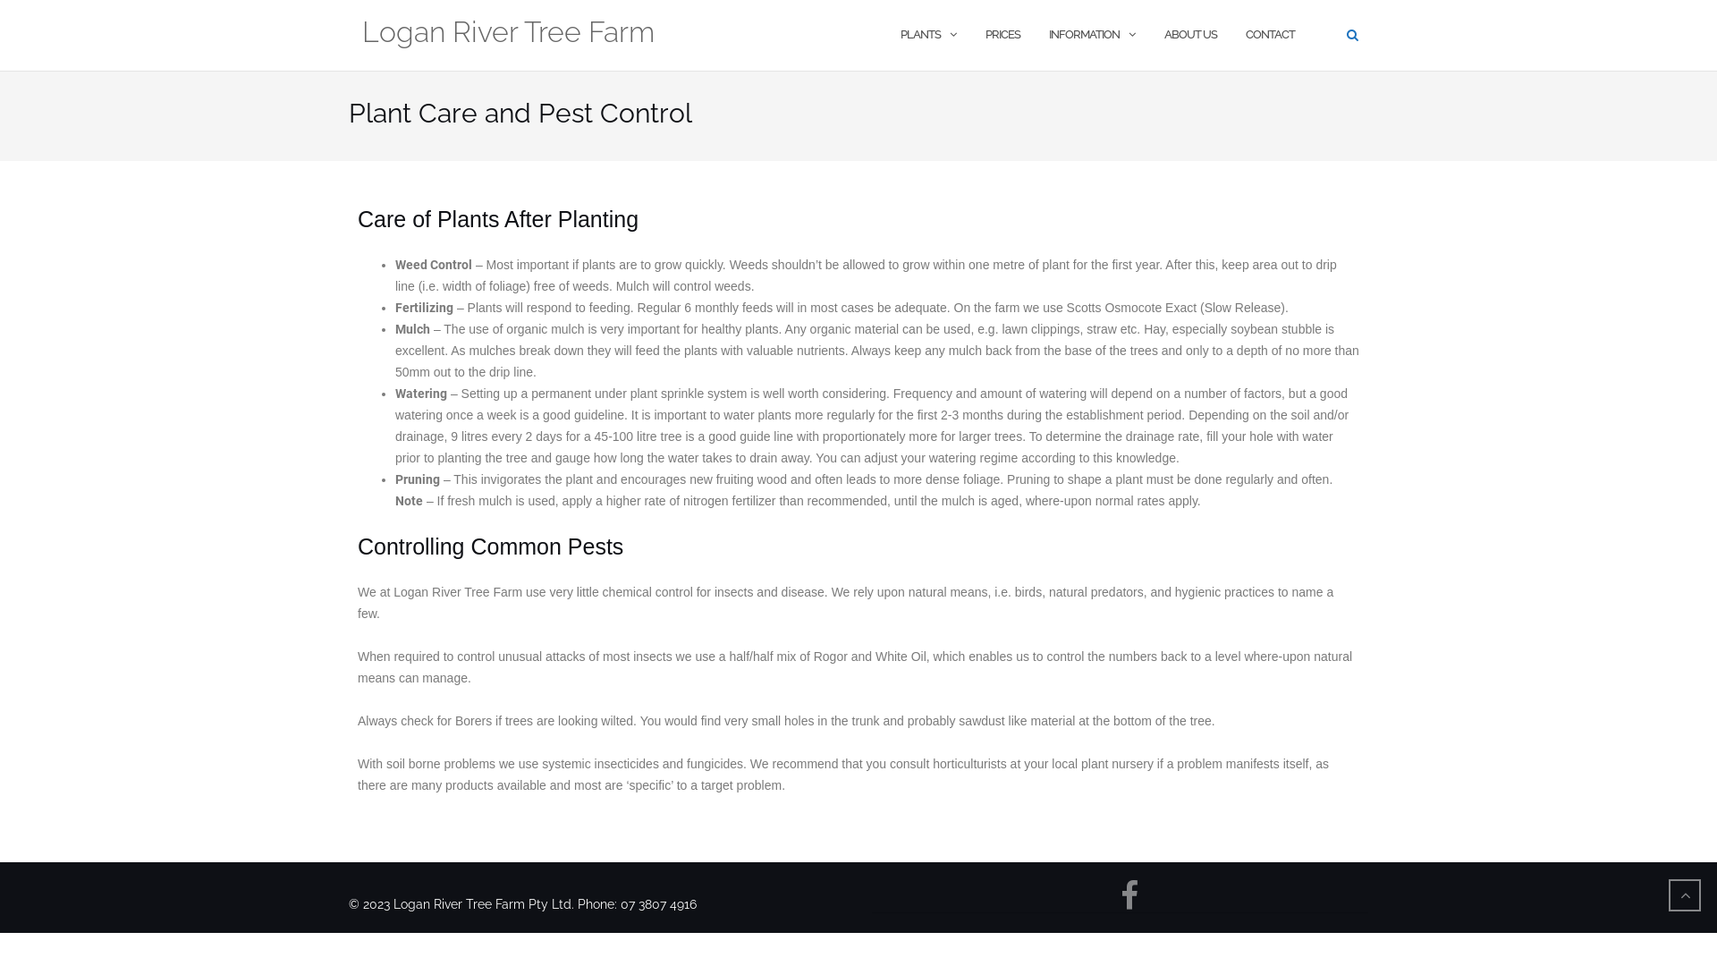 This screenshot has height=966, width=1717. I want to click on 'ABOUT US', so click(1163, 35).